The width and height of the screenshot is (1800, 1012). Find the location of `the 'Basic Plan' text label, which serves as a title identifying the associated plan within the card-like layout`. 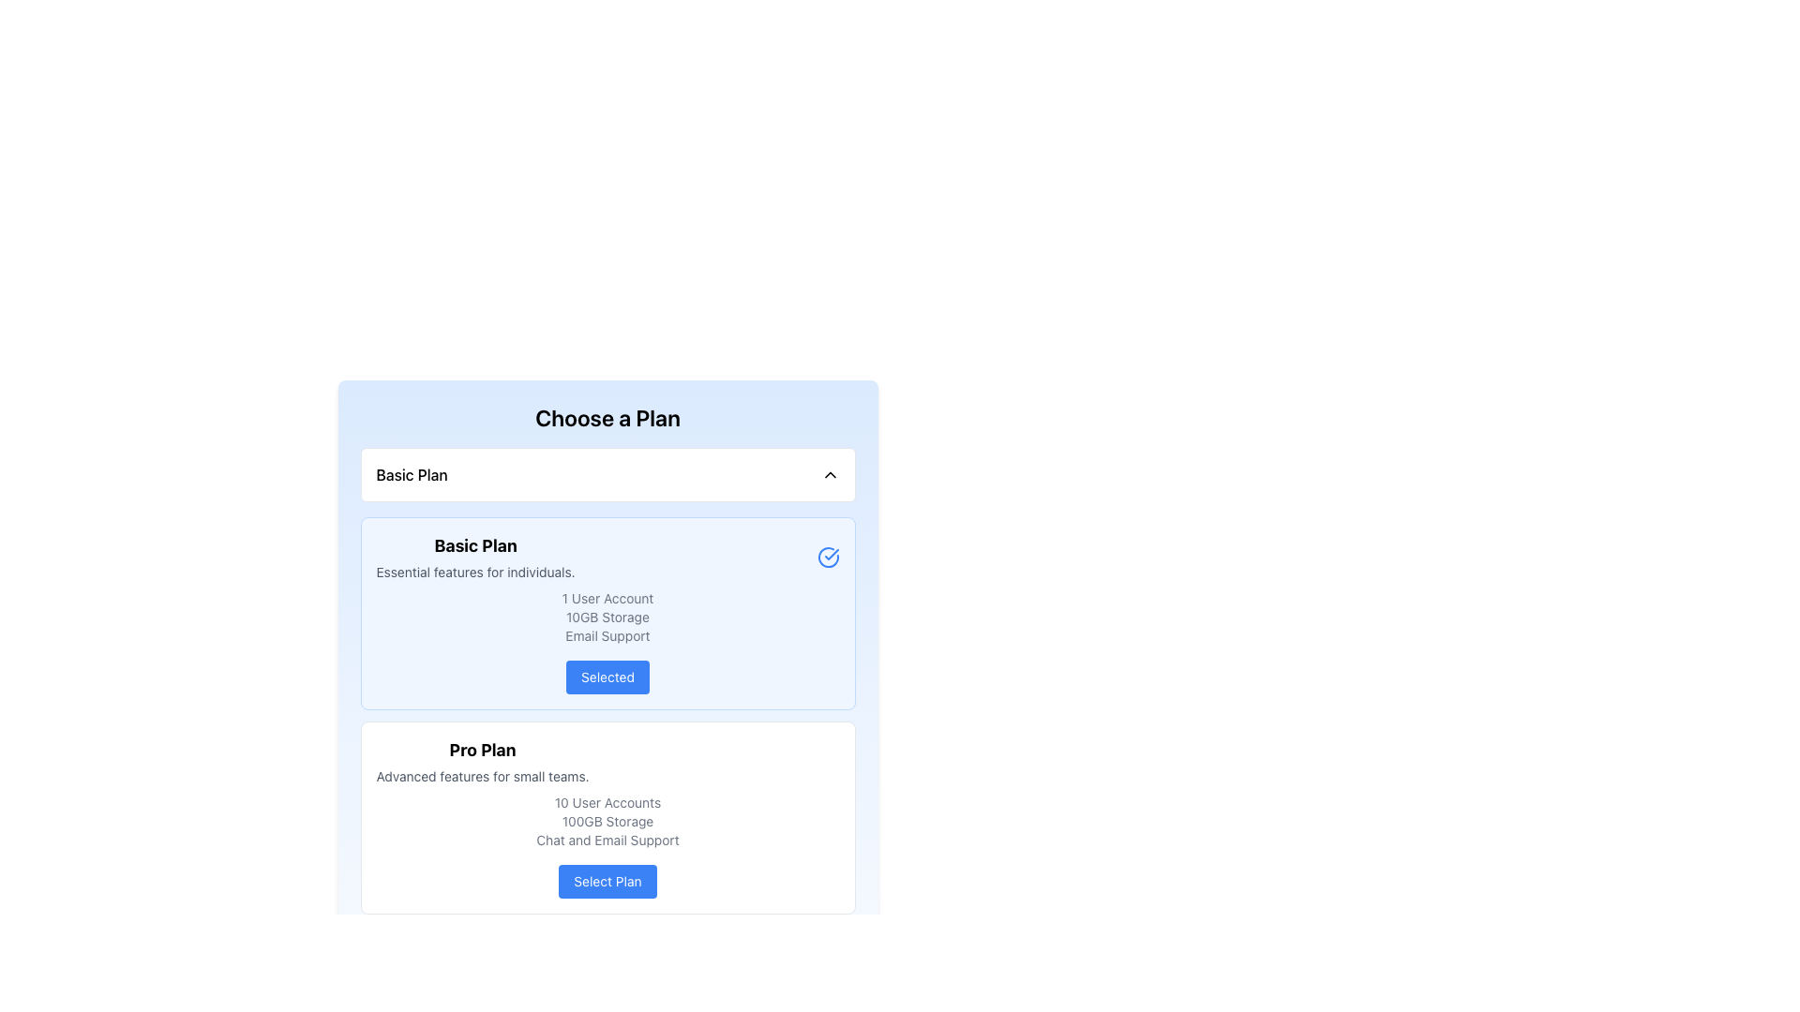

the 'Basic Plan' text label, which serves as a title identifying the associated plan within the card-like layout is located at coordinates (411, 473).